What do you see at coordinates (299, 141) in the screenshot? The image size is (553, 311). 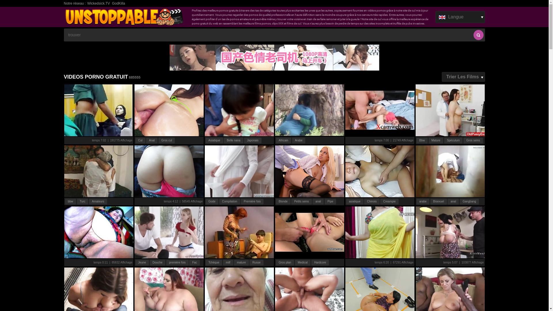 I see `'Arabe'` at bounding box center [299, 141].